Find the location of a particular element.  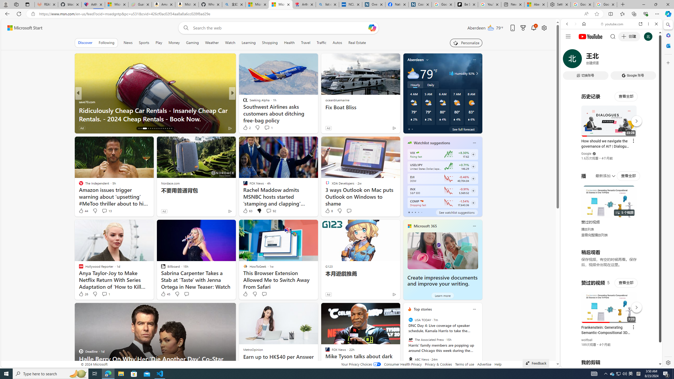

'Trailer #2 [HD]' is located at coordinates (611, 156).